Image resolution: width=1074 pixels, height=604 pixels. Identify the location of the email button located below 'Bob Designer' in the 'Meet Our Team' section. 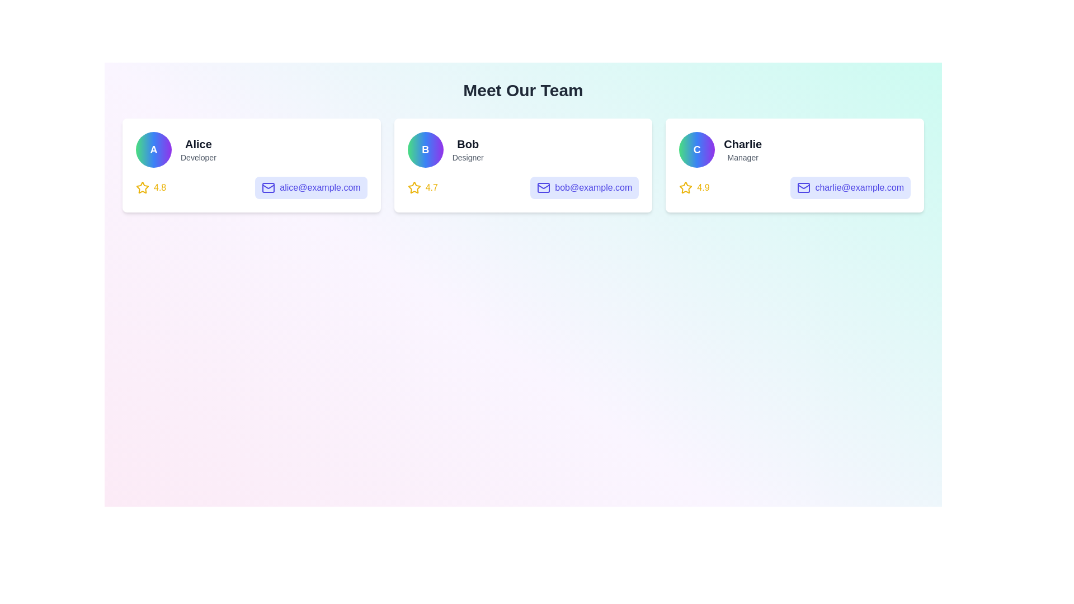
(584, 187).